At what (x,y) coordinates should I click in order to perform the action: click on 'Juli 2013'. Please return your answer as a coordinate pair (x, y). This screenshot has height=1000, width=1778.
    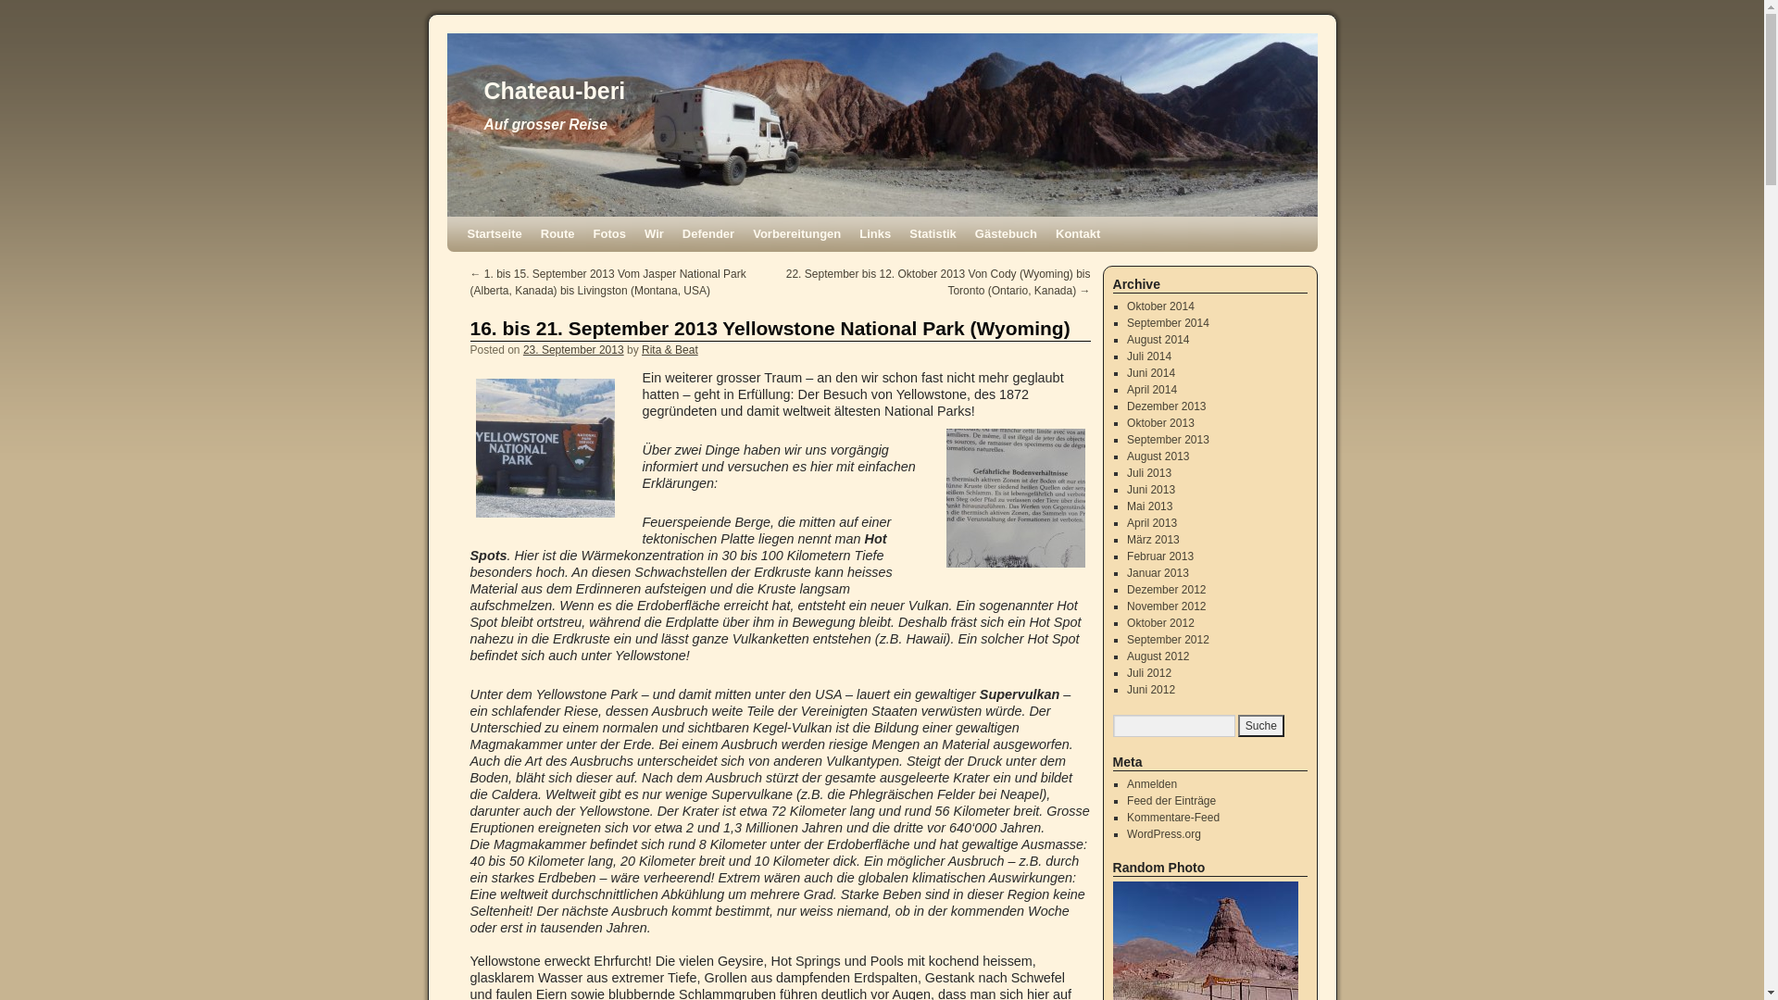
    Looking at the image, I should click on (1148, 471).